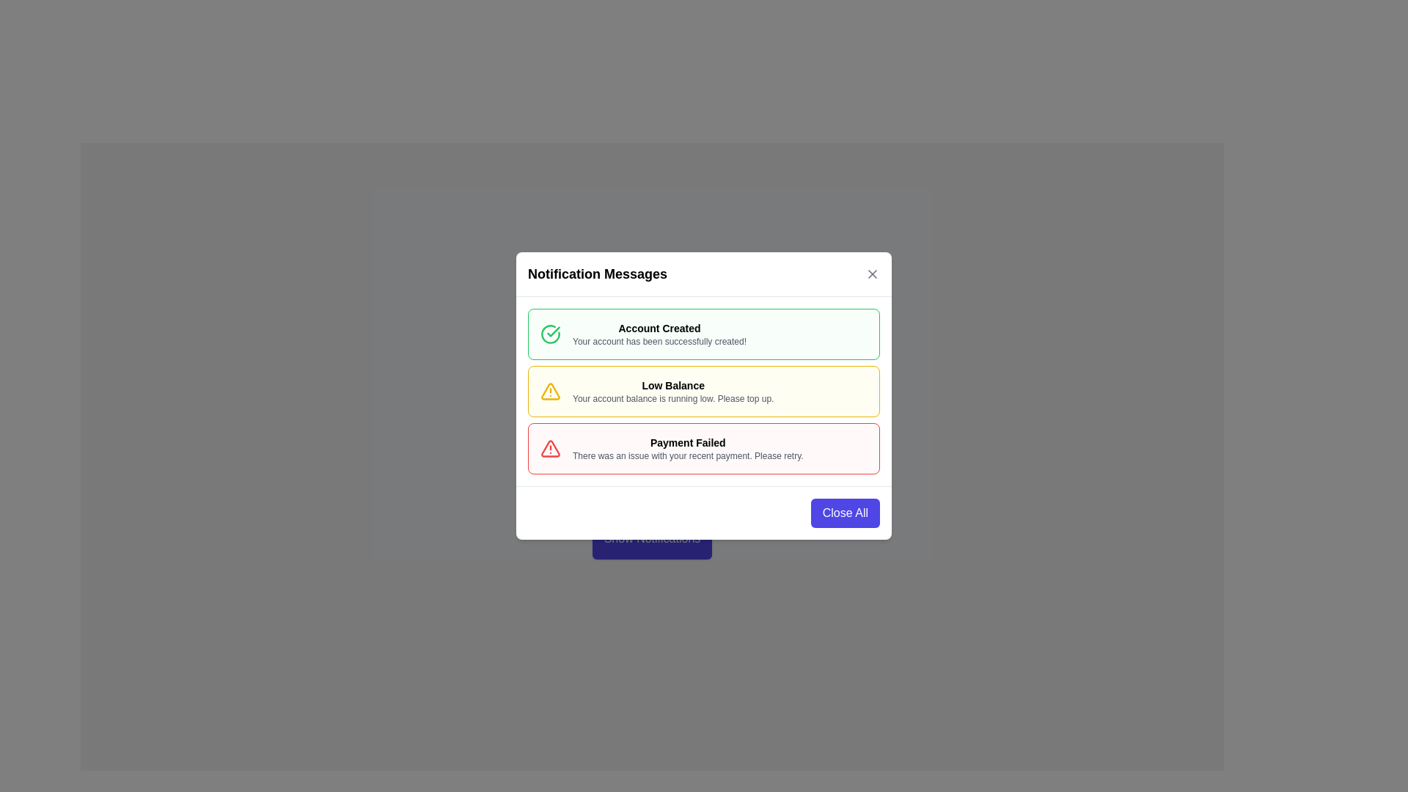 This screenshot has height=792, width=1408. What do you see at coordinates (687, 455) in the screenshot?
I see `text string that states: 'There was an issue with your recent payment. Please retry.' located below the 'Payment Failed' heading in the notification box` at bounding box center [687, 455].